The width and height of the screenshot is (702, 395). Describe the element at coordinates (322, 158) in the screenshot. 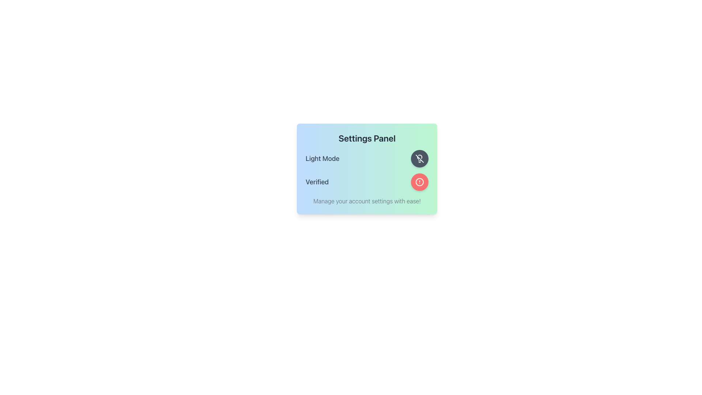

I see `the 'Light Mode' text label located in the upper left portion of the settings card, below 'Settings Panel'` at that location.